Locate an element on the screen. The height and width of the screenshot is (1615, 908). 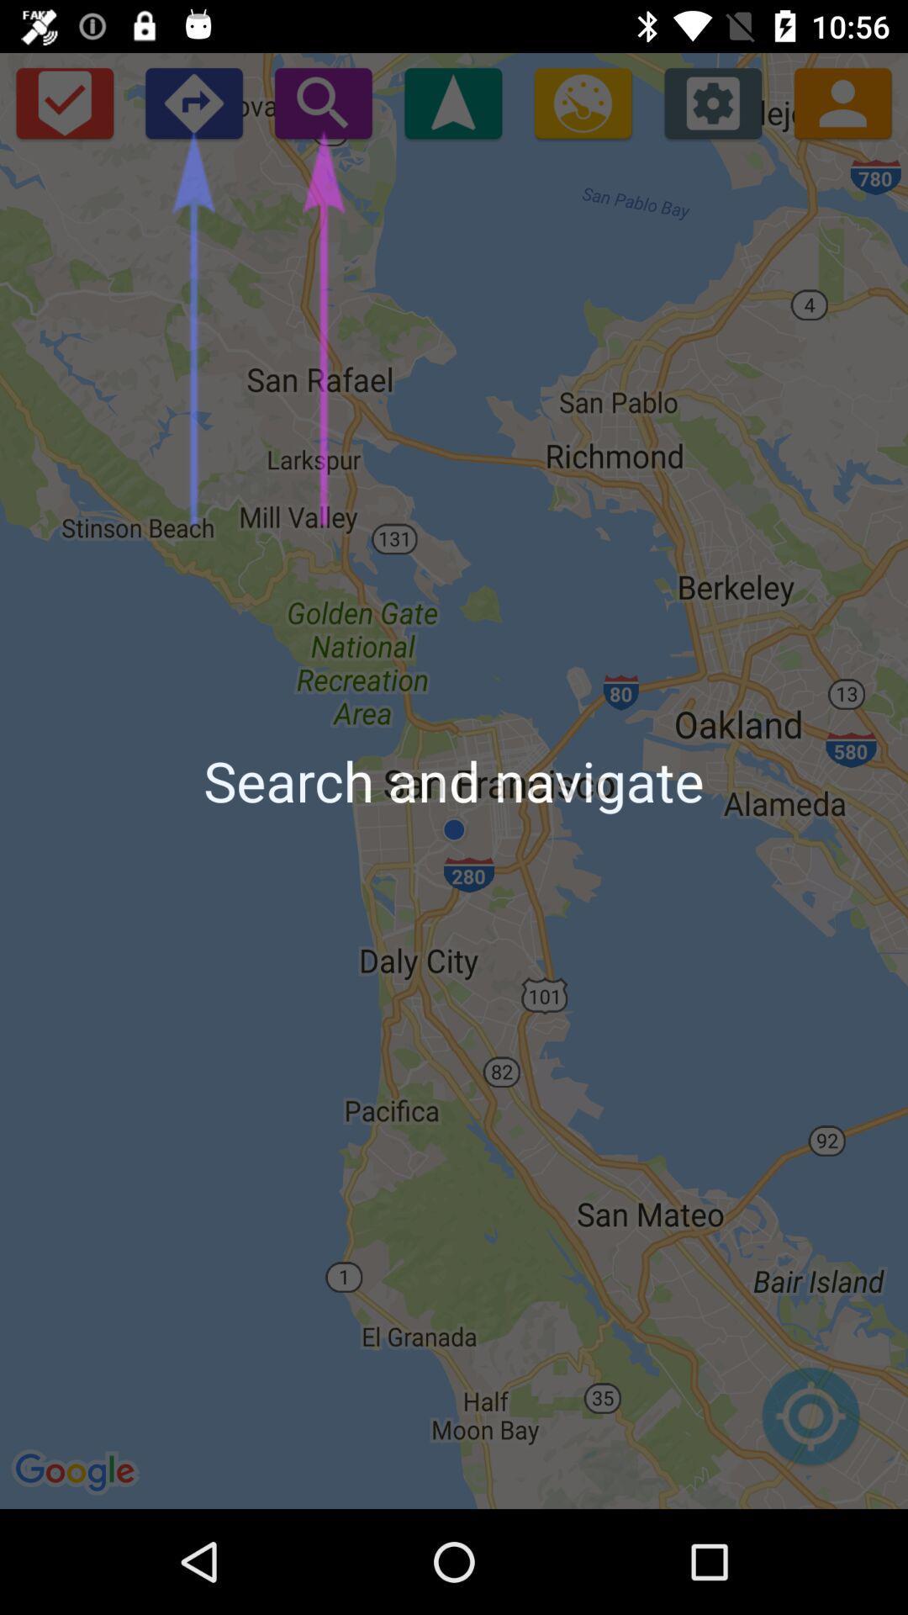
show location is located at coordinates (452, 102).